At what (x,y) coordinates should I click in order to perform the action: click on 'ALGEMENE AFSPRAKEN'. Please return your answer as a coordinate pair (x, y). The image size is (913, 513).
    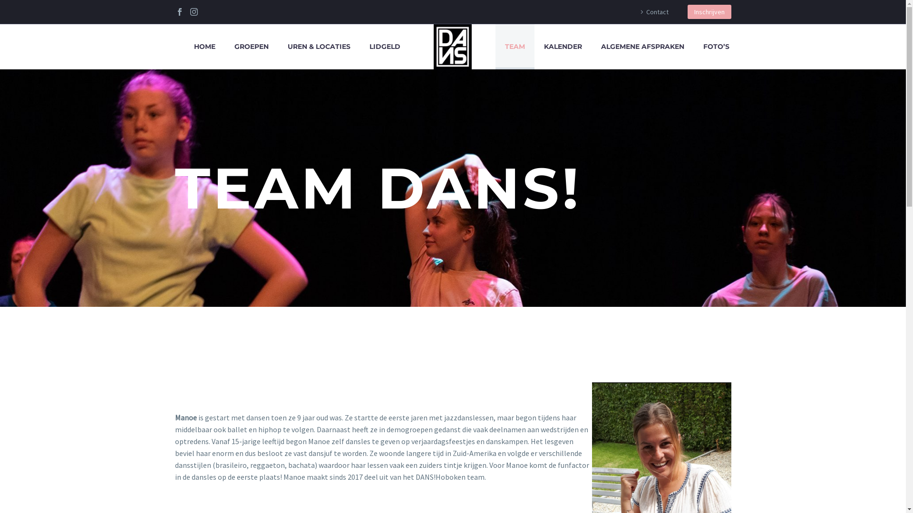
    Looking at the image, I should click on (642, 47).